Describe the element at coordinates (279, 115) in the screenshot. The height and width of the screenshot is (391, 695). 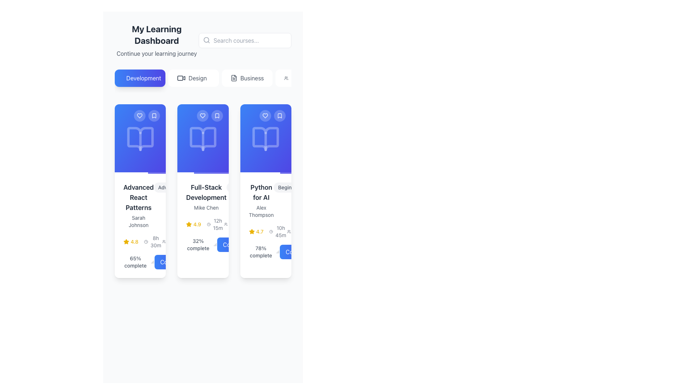
I see `the circular button with a semi-transparent white background and a bookmark icon at its center to bookmark the item` at that location.